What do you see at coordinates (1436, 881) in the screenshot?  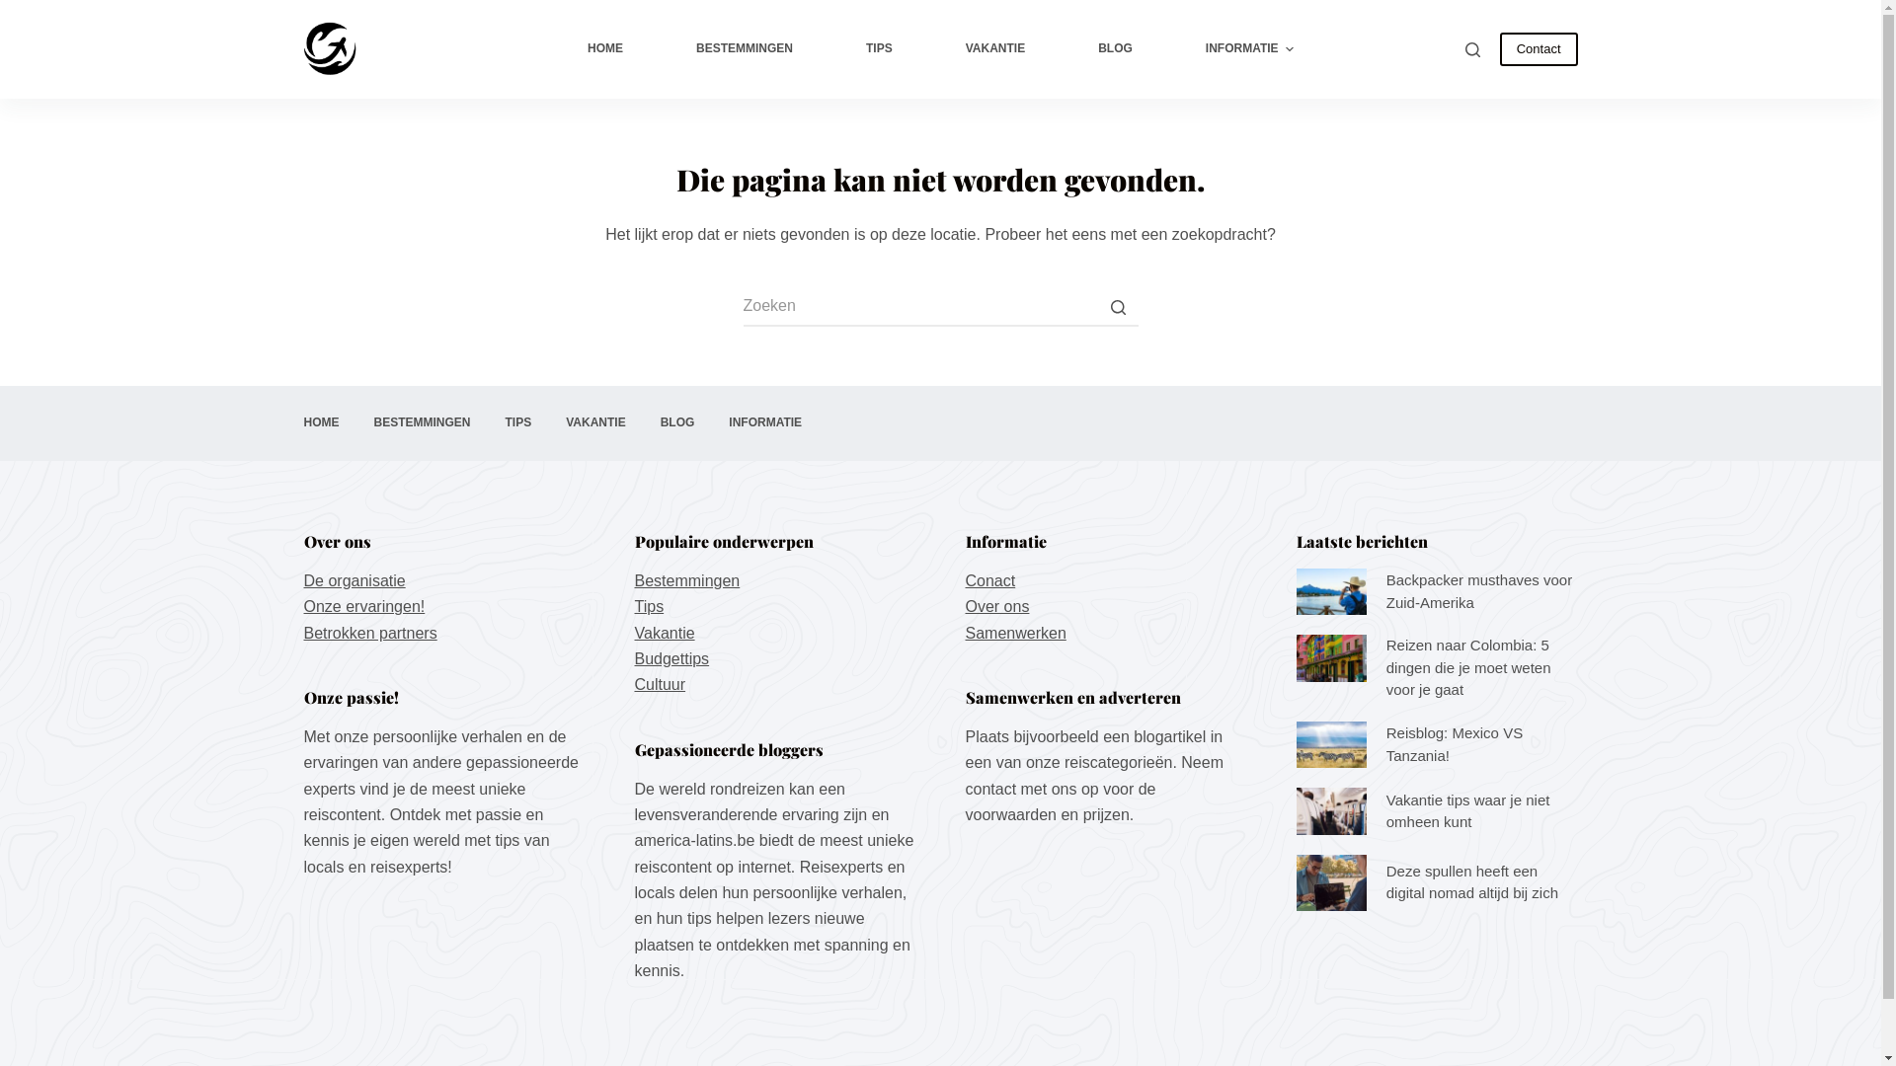 I see `'Deze spullen heeft een digital nomad altijd bij zich'` at bounding box center [1436, 881].